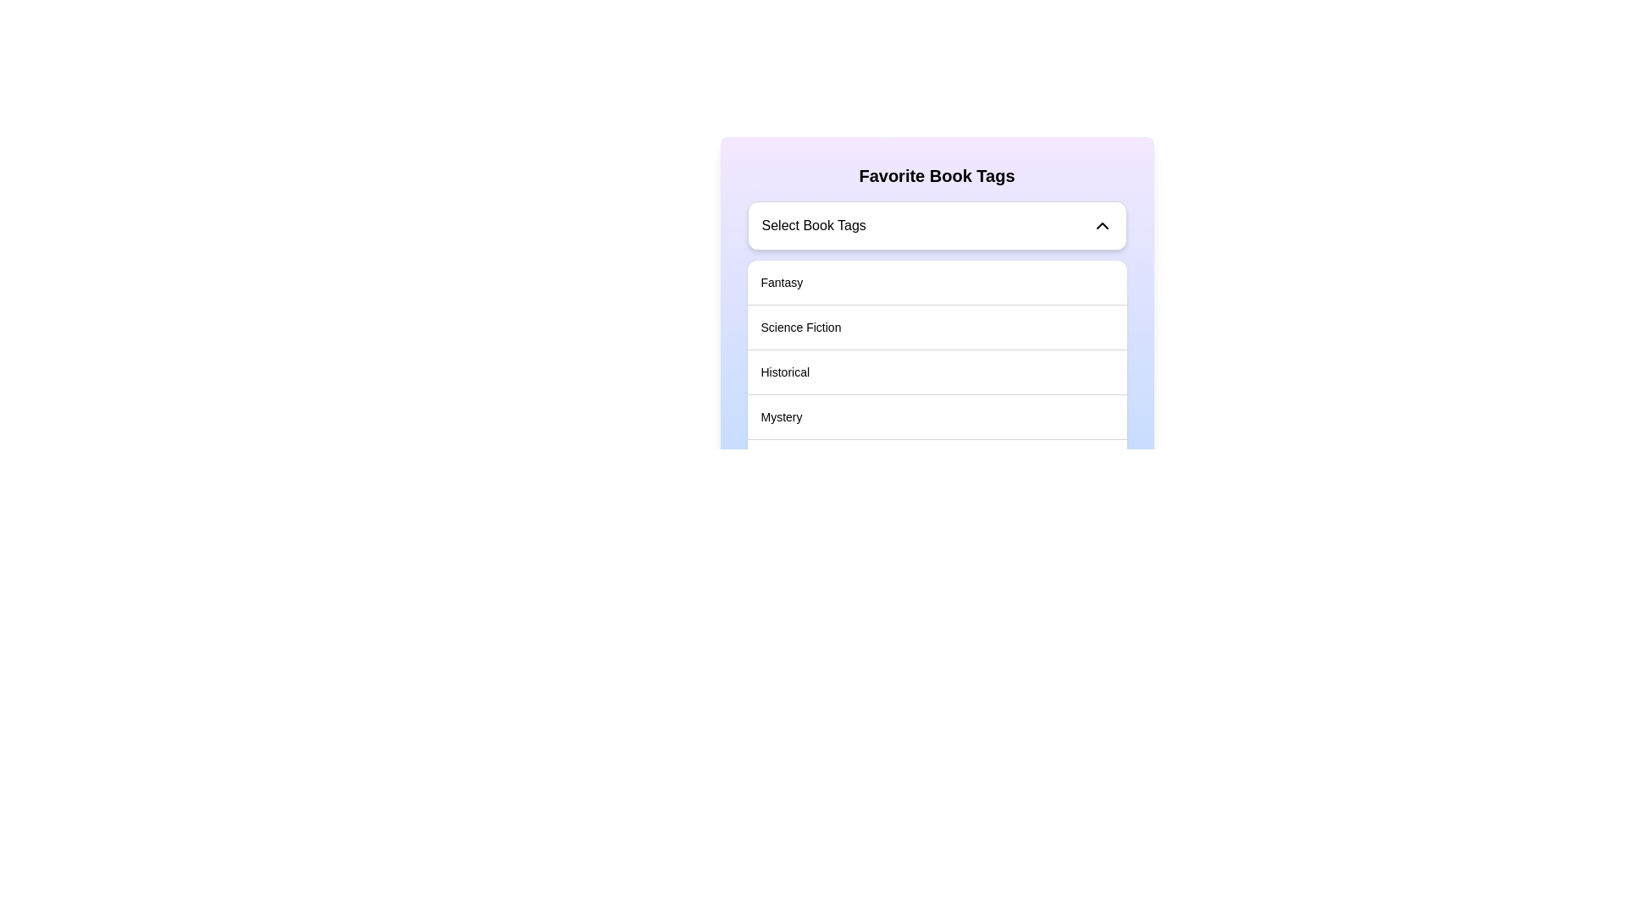 Image resolution: width=1626 pixels, height=914 pixels. What do you see at coordinates (814, 224) in the screenshot?
I see `text content of the text label that says 'Select Book Tags', which is styled in black on a white background and enclosed within a light gray rounded rectangle` at bounding box center [814, 224].